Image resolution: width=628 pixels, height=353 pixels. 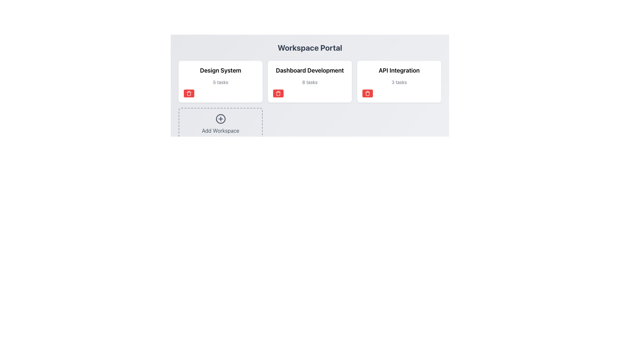 What do you see at coordinates (309, 82) in the screenshot?
I see `the static text label displaying '8 tasks' within the 'Dashboard Development' card, which is styled in gray and positioned below its title` at bounding box center [309, 82].